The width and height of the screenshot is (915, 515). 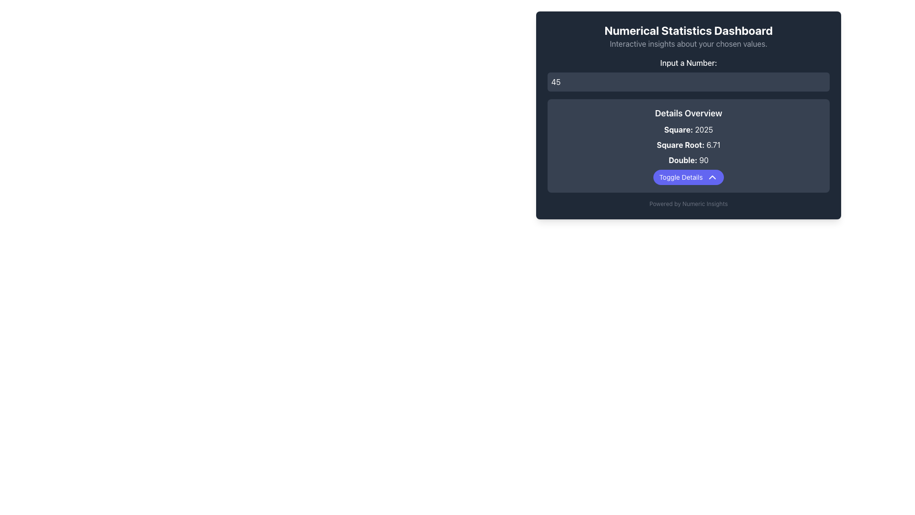 I want to click on the label indicating the meaning of the associated value '2025', which is centrally located in the 'Details Overview' section, to the left of the numerical value, so click(x=678, y=130).